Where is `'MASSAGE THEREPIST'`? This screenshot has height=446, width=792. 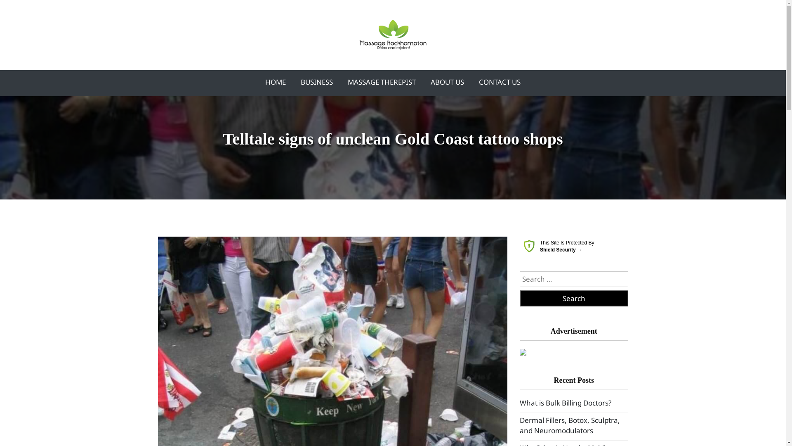 'MASSAGE THEREPIST' is located at coordinates (381, 82).